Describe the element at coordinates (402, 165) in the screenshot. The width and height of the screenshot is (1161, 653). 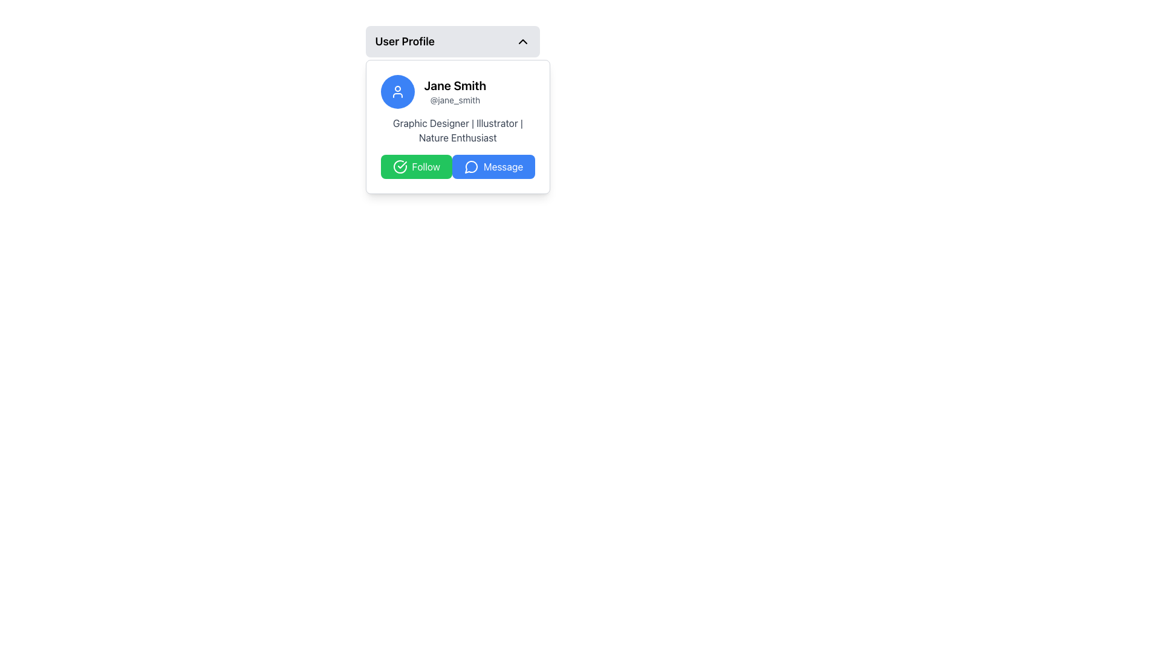
I see `the checkmark icon within the circular graphic located to the left of the green 'Follow' button` at that location.